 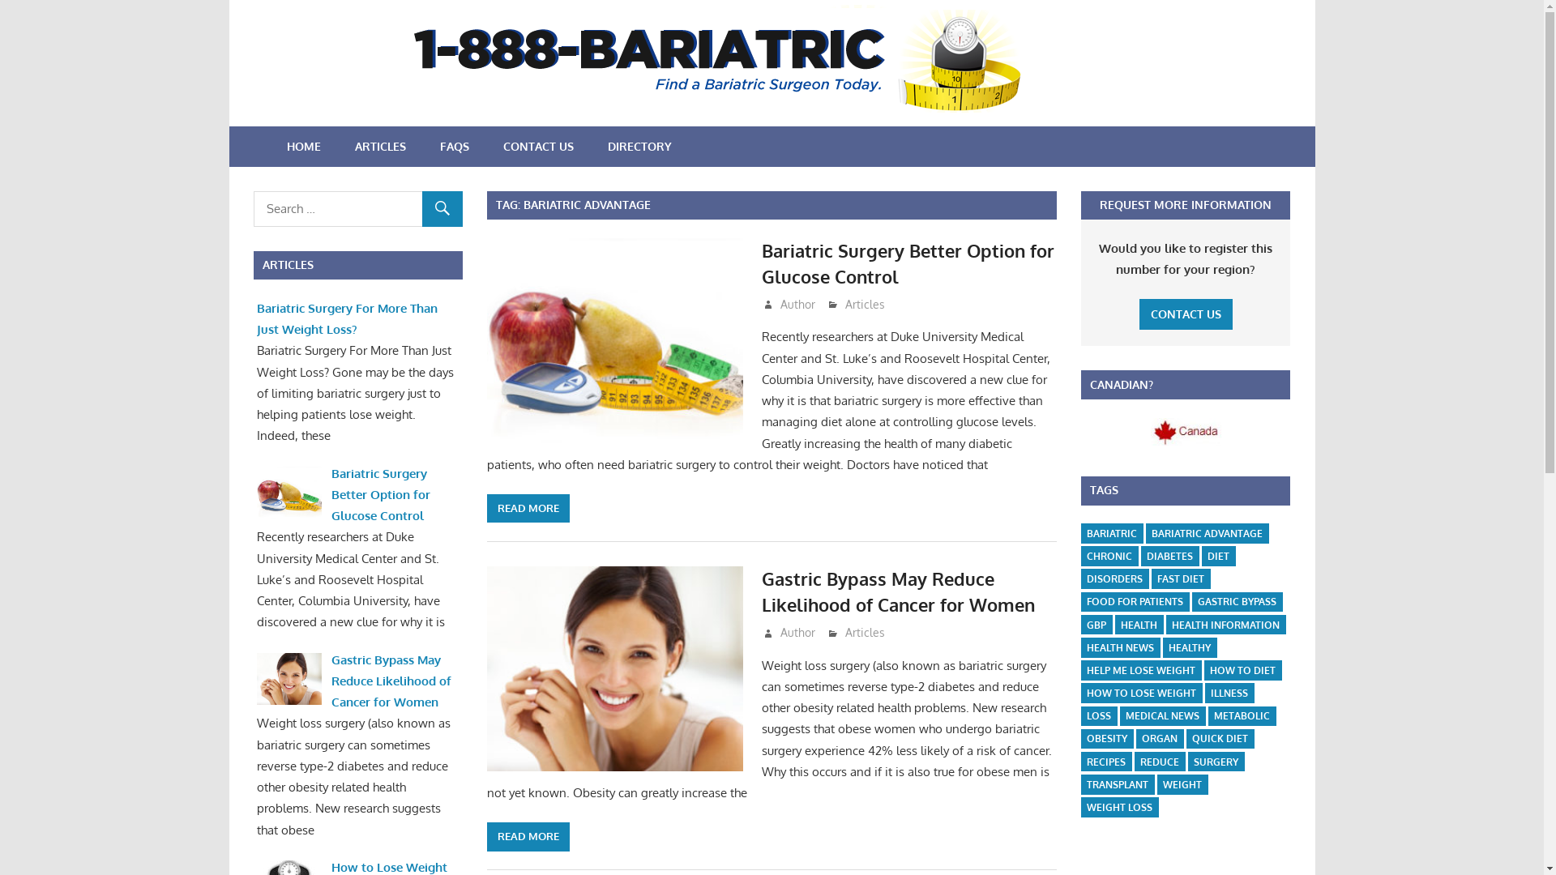 What do you see at coordinates (357, 208) in the screenshot?
I see `'Search for:'` at bounding box center [357, 208].